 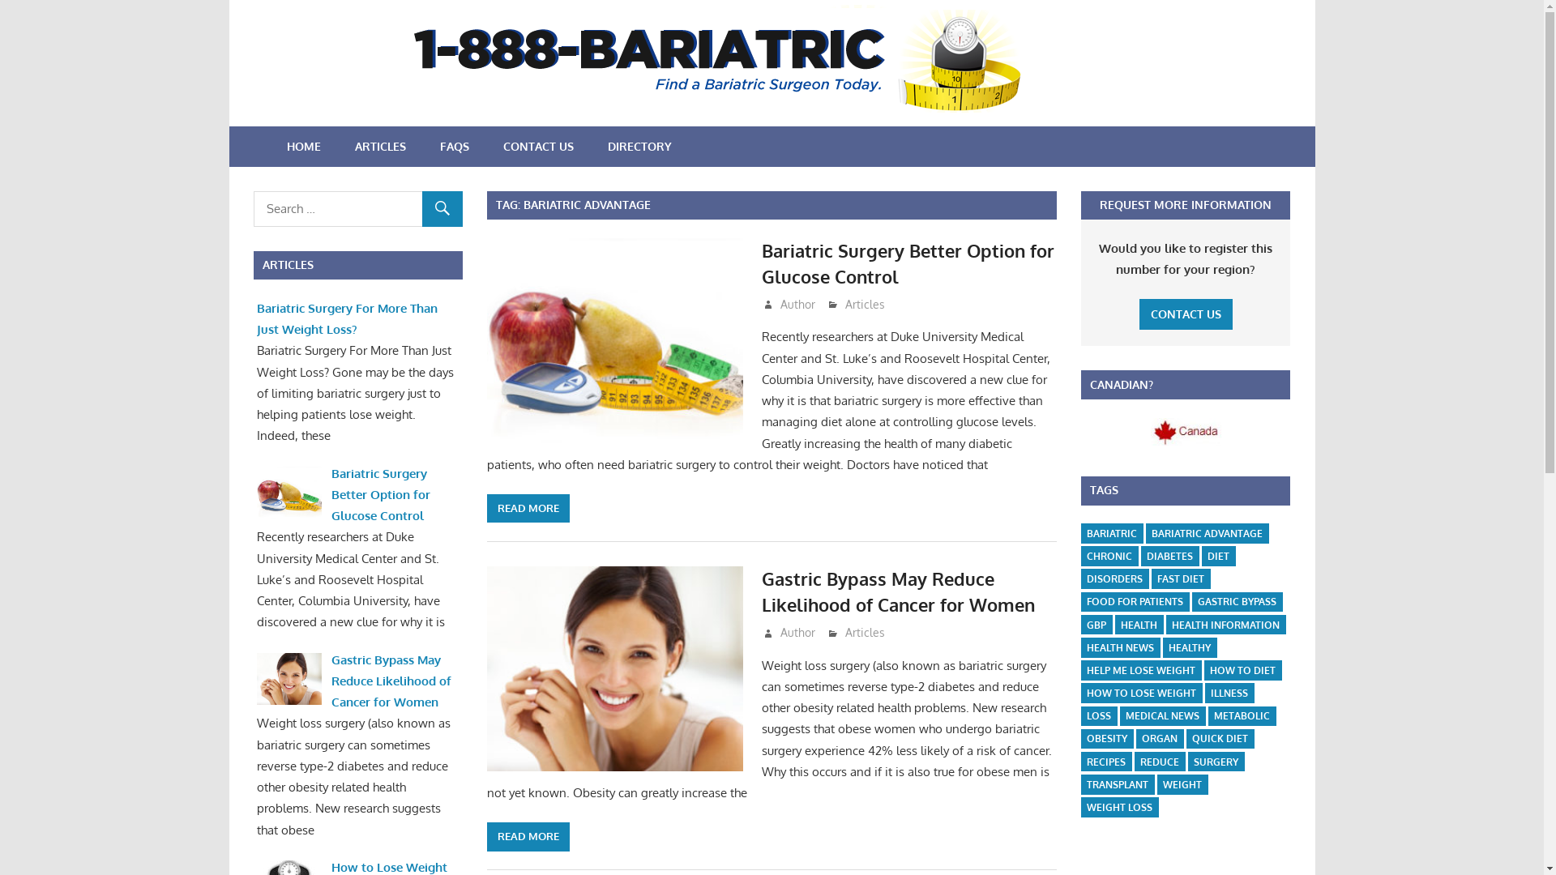 What do you see at coordinates (357, 208) in the screenshot?
I see `'Search for:'` at bounding box center [357, 208].